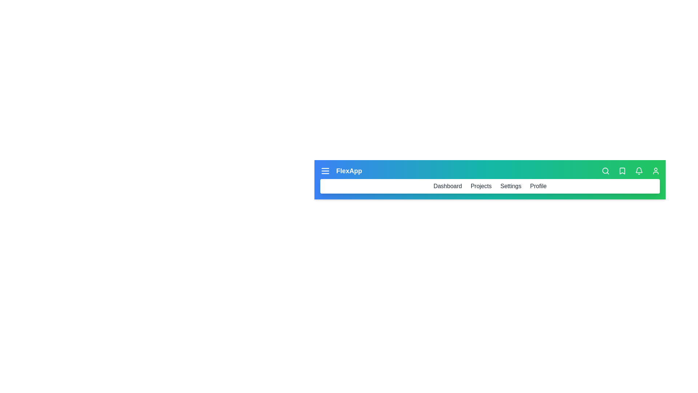 The width and height of the screenshot is (698, 393). I want to click on the menu icon to toggle the menu visibility, so click(325, 171).